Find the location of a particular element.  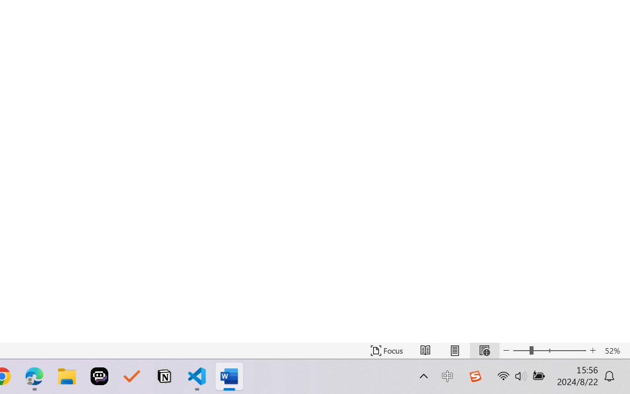

'Zoom Out' is located at coordinates (521, 350).